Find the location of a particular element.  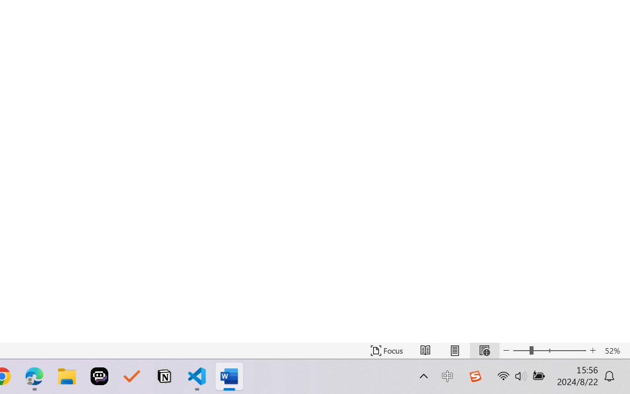

'Zoom Out' is located at coordinates (521, 350).